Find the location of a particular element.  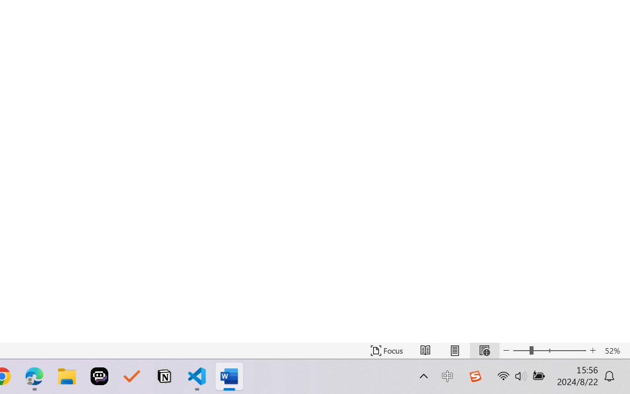

'Zoom Out' is located at coordinates (521, 350).